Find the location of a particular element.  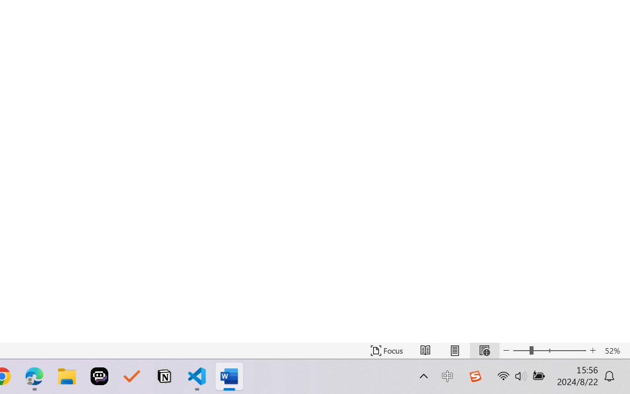

'Zoom Out' is located at coordinates (521, 350).